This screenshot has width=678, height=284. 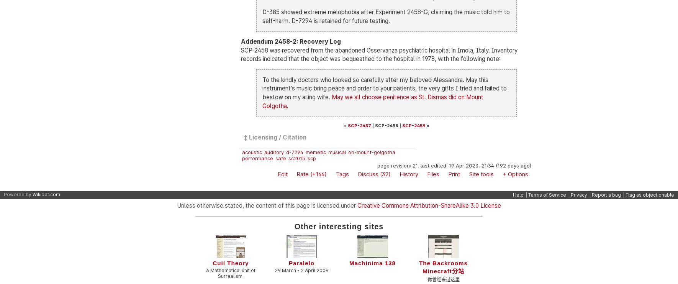 I want to click on 'History', so click(x=400, y=174).